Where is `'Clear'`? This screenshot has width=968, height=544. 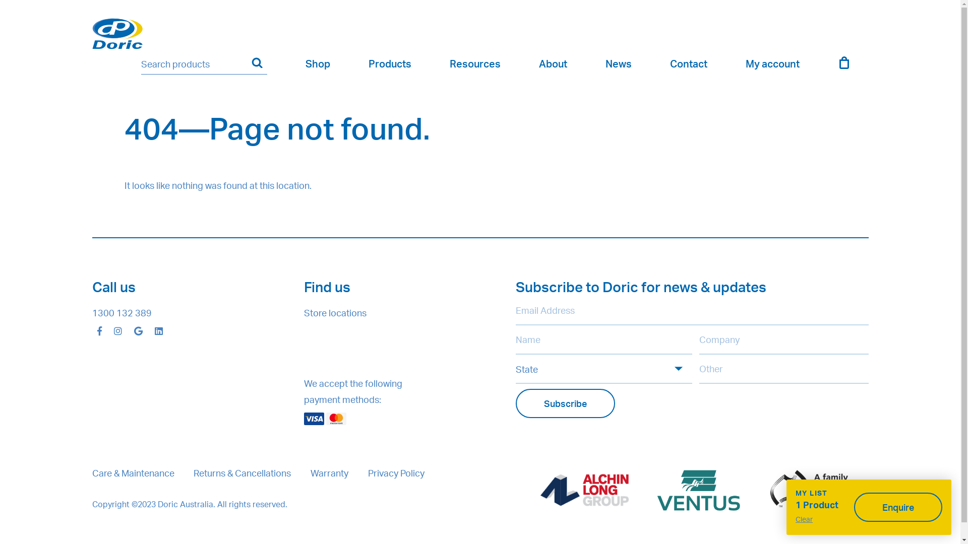 'Clear' is located at coordinates (795, 519).